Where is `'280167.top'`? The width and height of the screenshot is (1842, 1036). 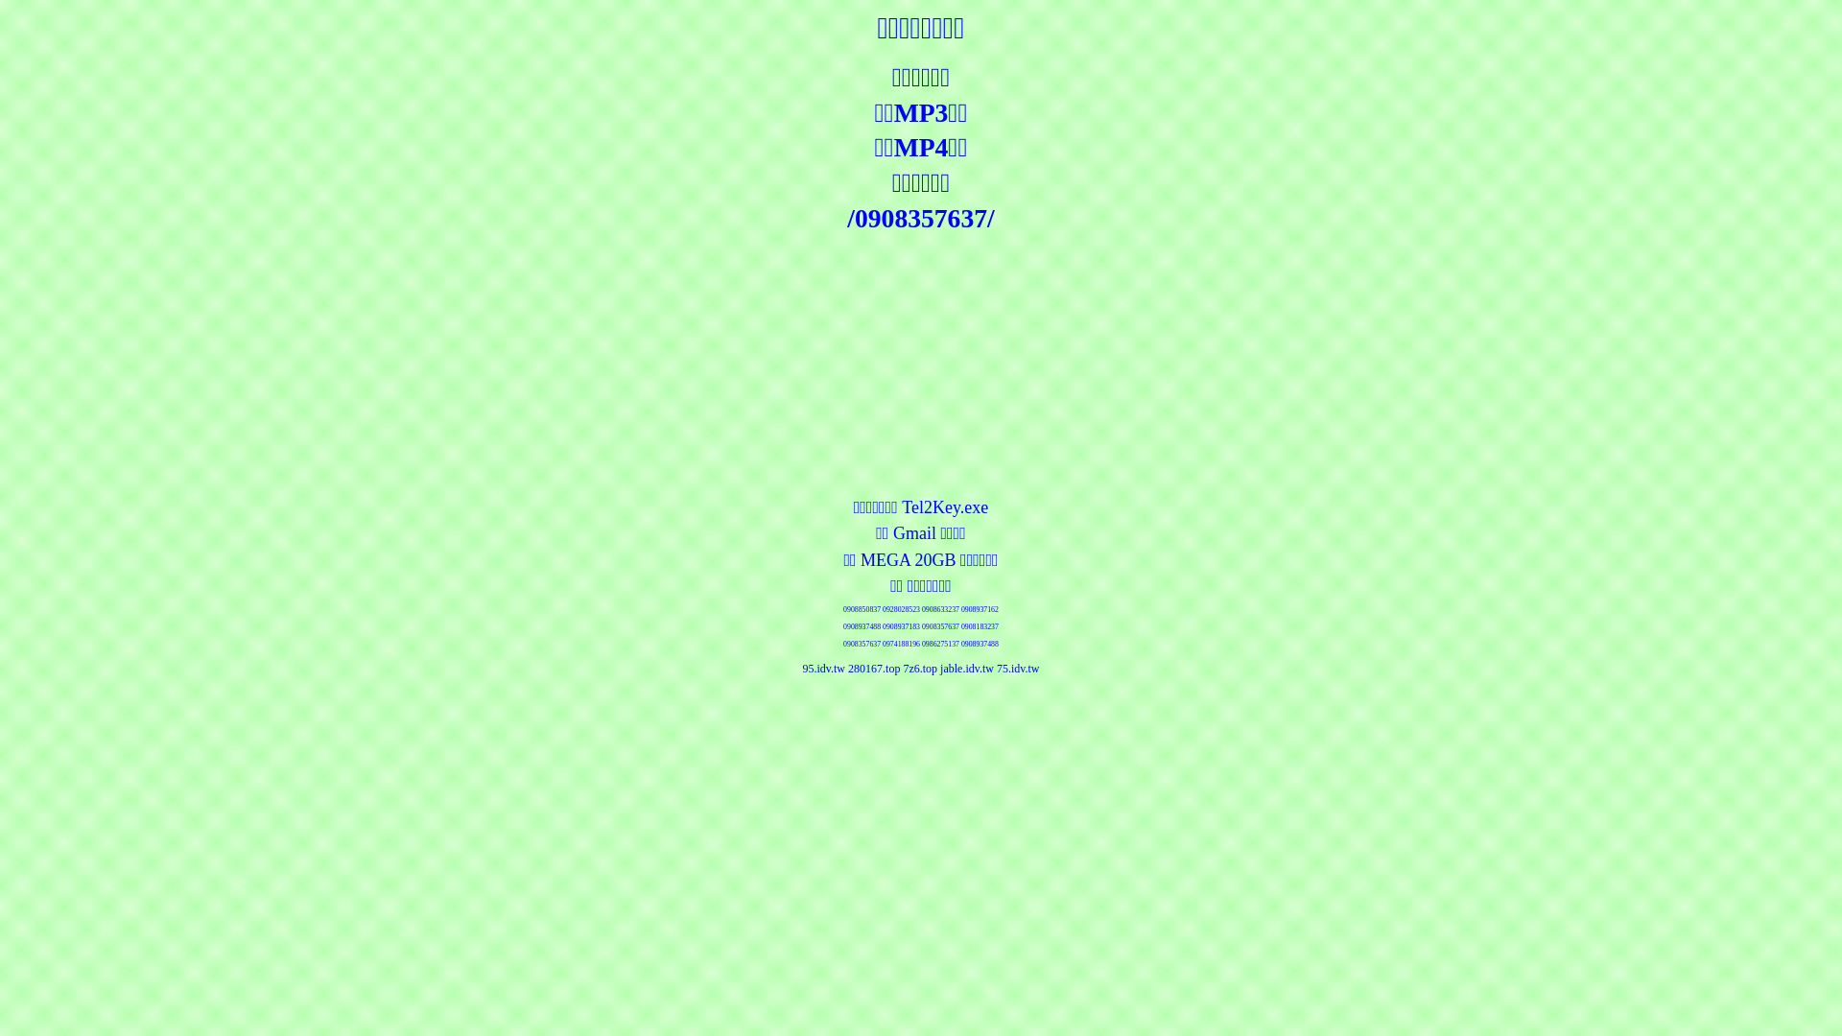 '280167.top' is located at coordinates (873, 668).